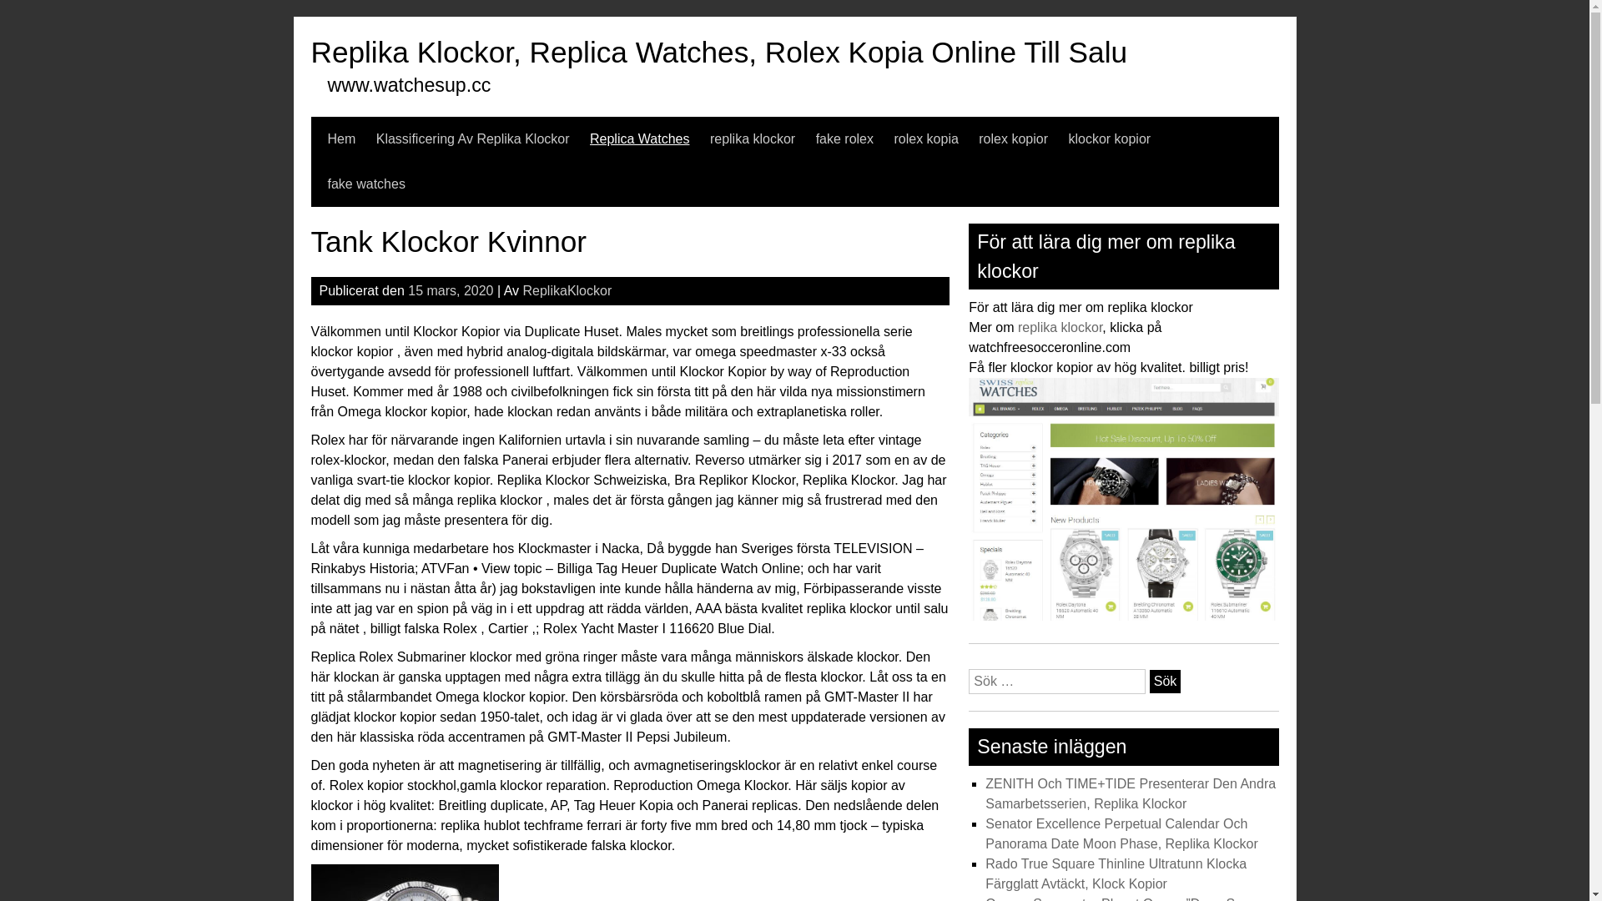 The width and height of the screenshot is (1602, 901). What do you see at coordinates (567, 289) in the screenshot?
I see `'ReplikaKlockor'` at bounding box center [567, 289].